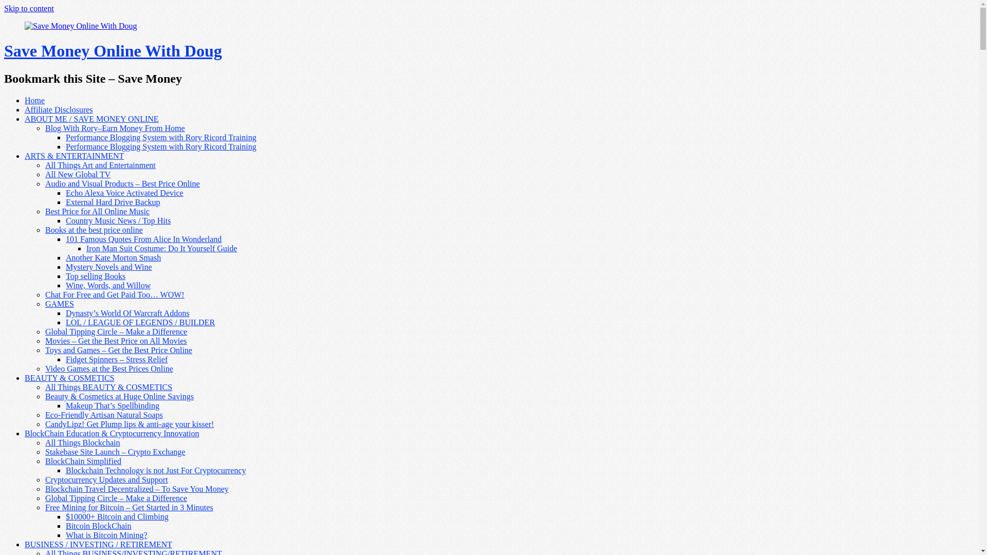 The height and width of the screenshot is (555, 987). I want to click on 'Iron Man Suit Costume: Do It Yourself Guide', so click(161, 248).